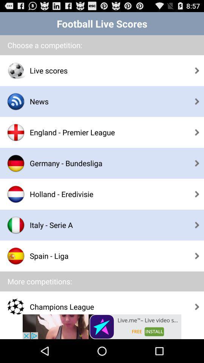 This screenshot has width=204, height=363. Describe the element at coordinates (102, 326) in the screenshot. I see `advertisent page` at that location.